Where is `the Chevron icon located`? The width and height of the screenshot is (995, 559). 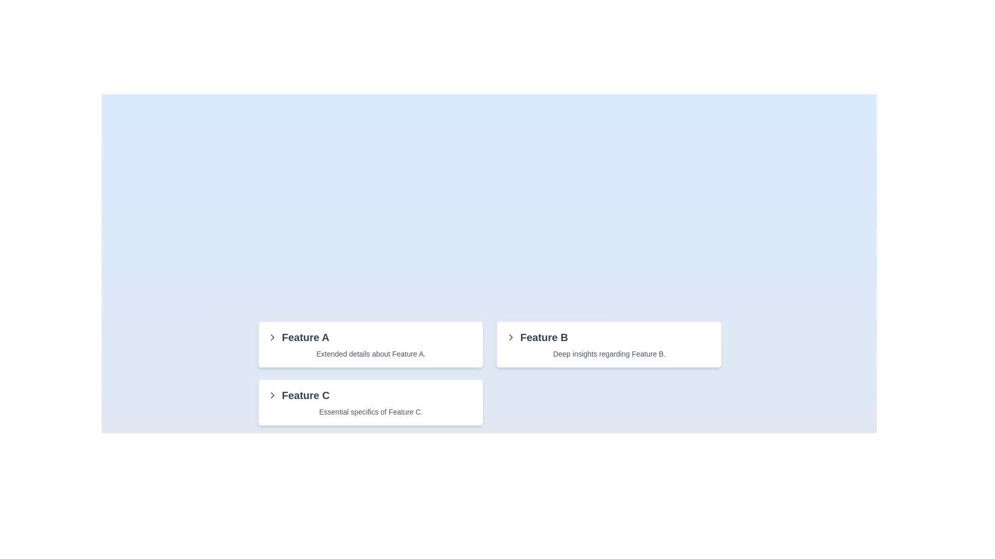 the Chevron icon located is located at coordinates (510, 337).